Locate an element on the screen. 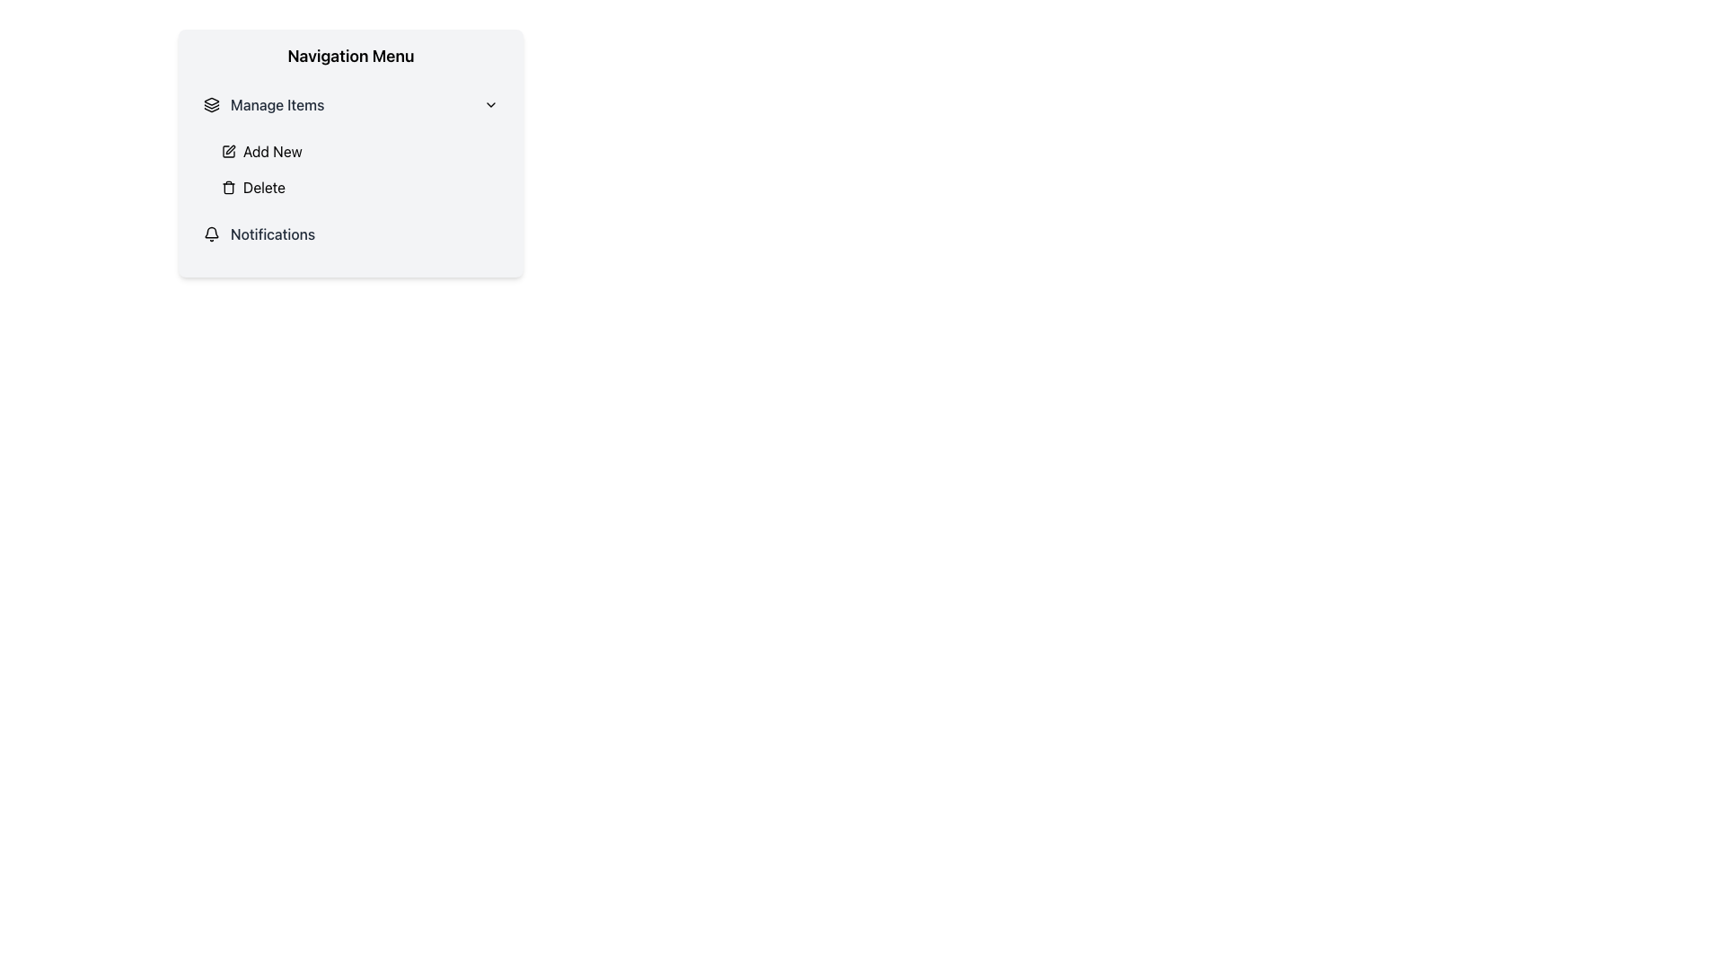 The height and width of the screenshot is (970, 1724). the black outlined bell-shaped icon representing notifications, located under the 'Notifications' label in the navigation menu is located at coordinates (211, 232).